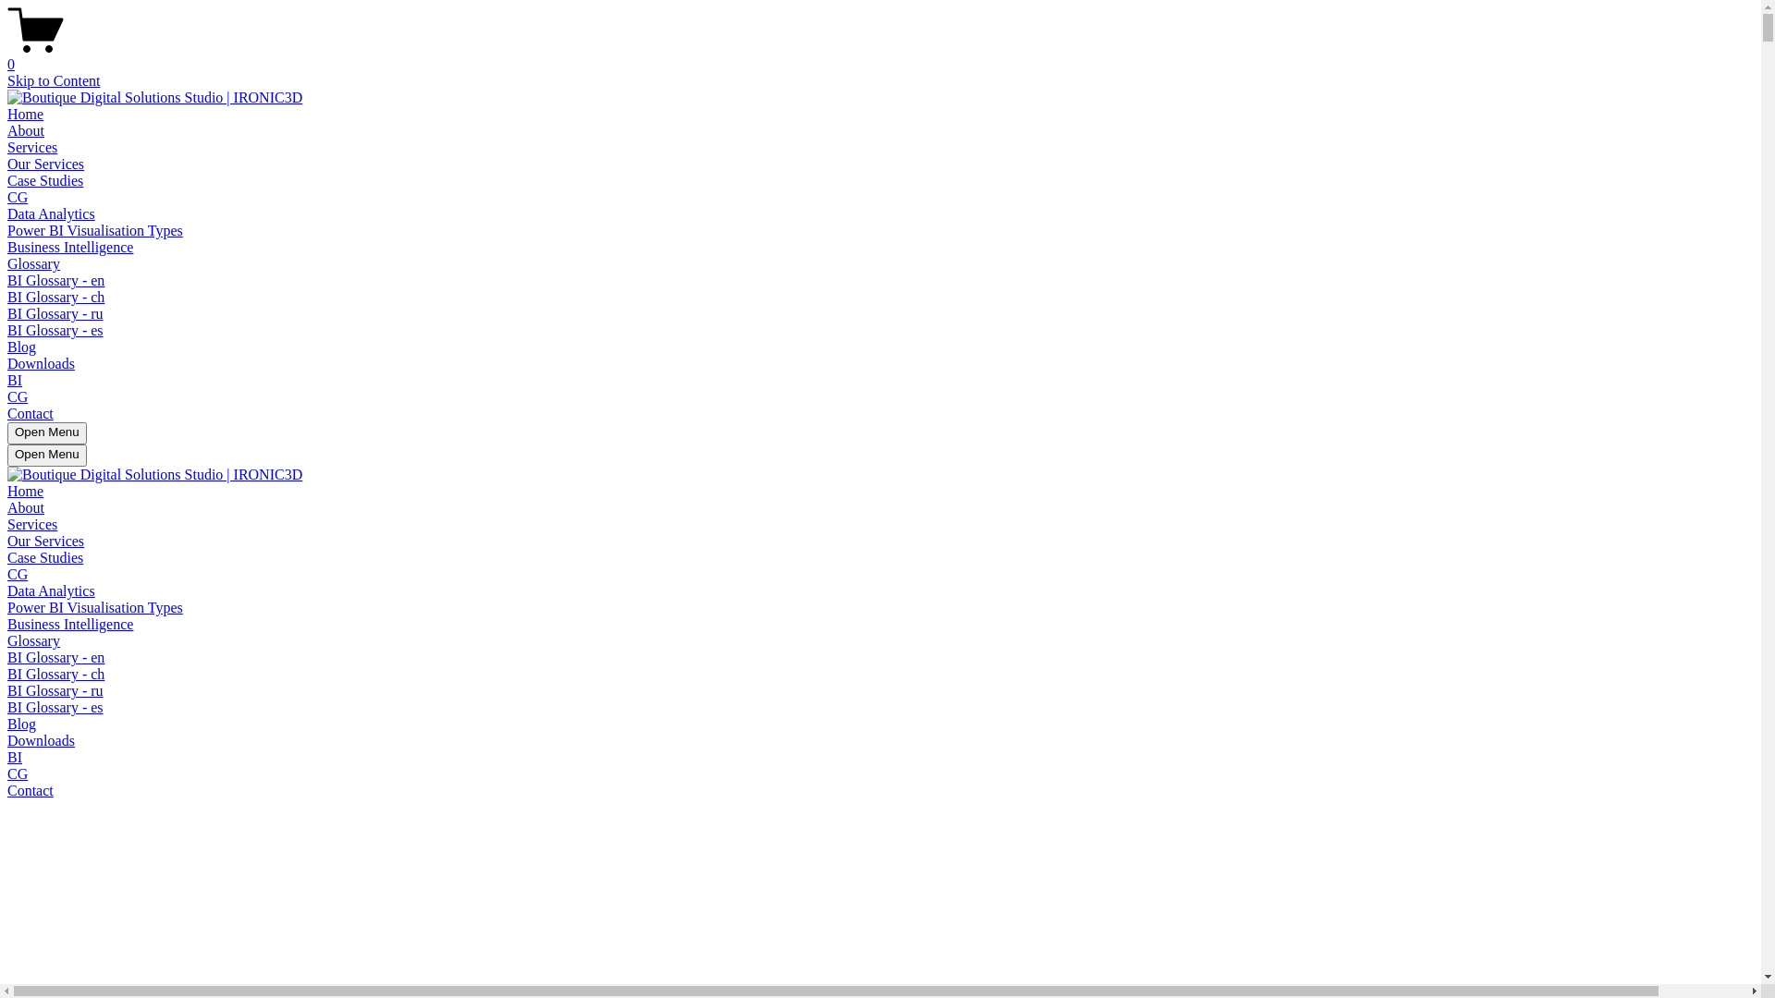 This screenshot has height=998, width=1775. Describe the element at coordinates (31, 524) in the screenshot. I see `'Services'` at that location.